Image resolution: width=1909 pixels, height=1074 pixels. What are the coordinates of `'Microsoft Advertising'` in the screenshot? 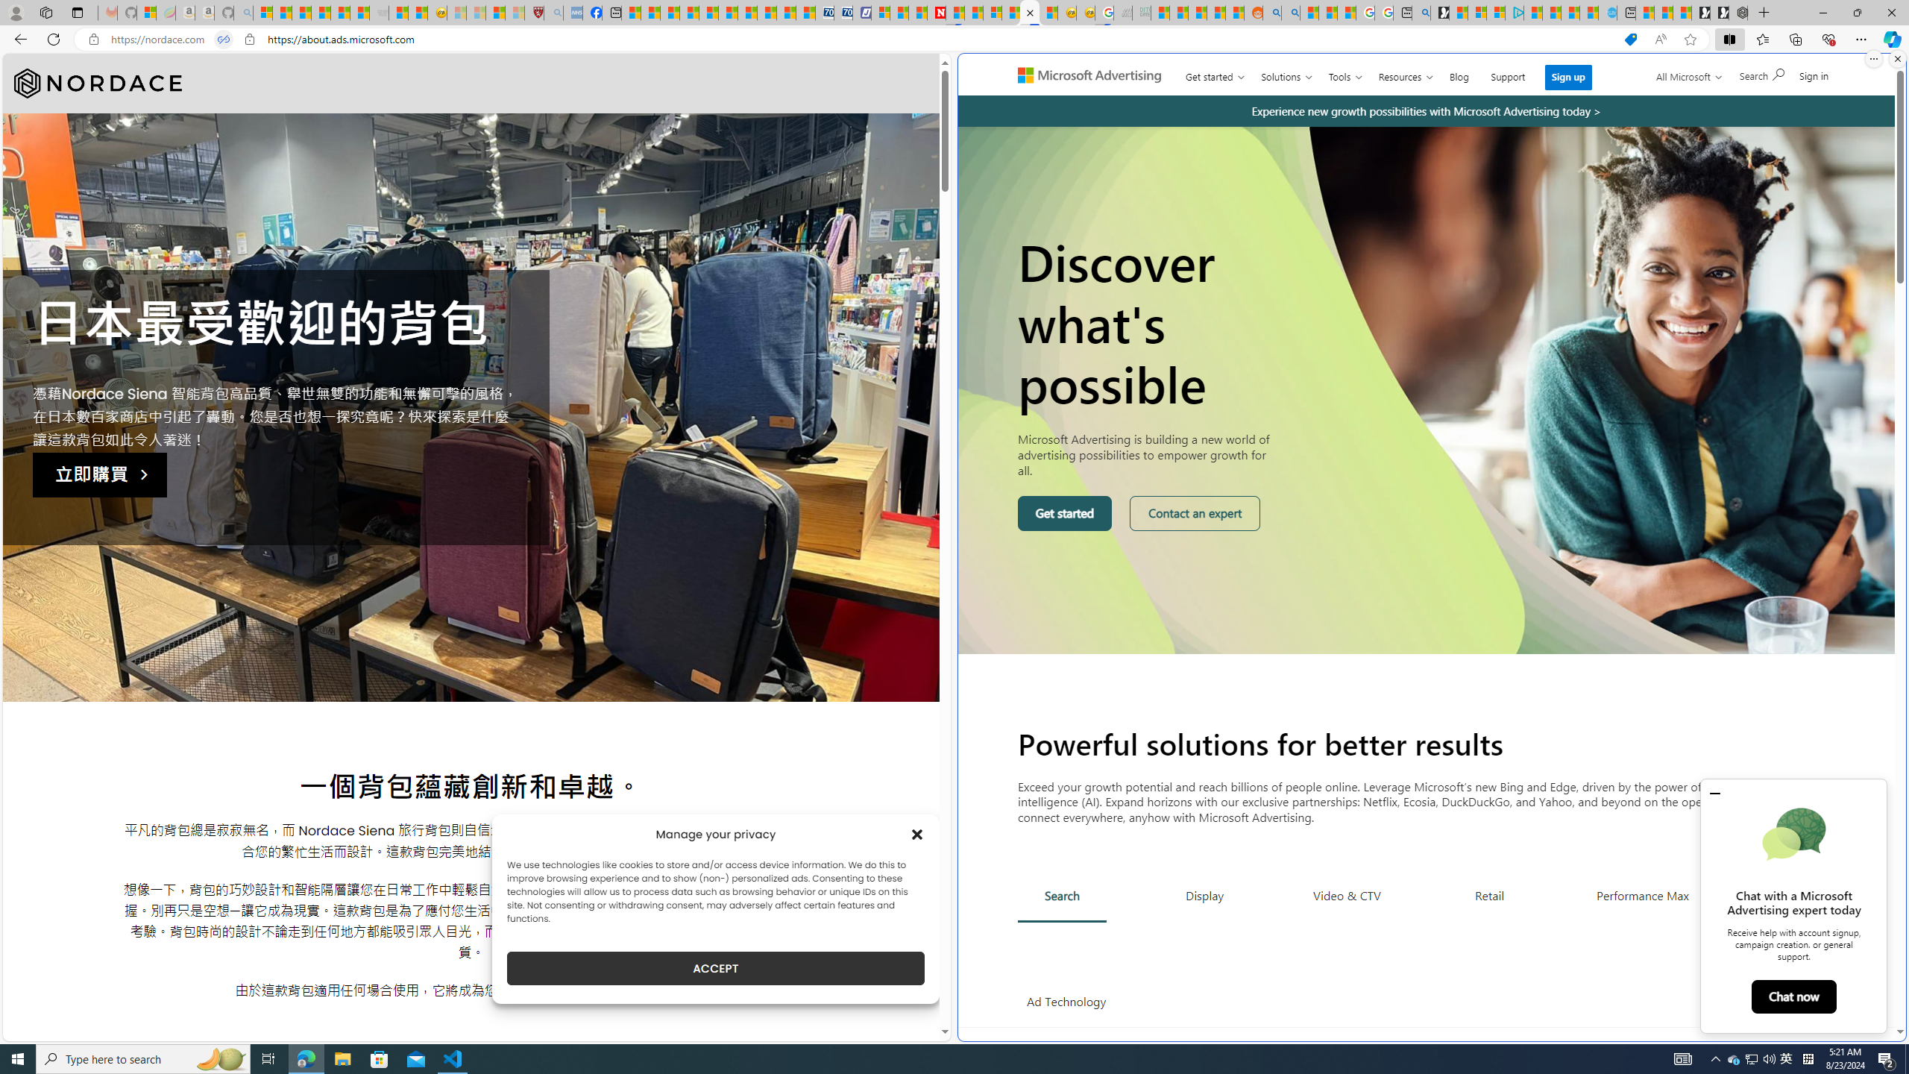 It's located at (1095, 74).